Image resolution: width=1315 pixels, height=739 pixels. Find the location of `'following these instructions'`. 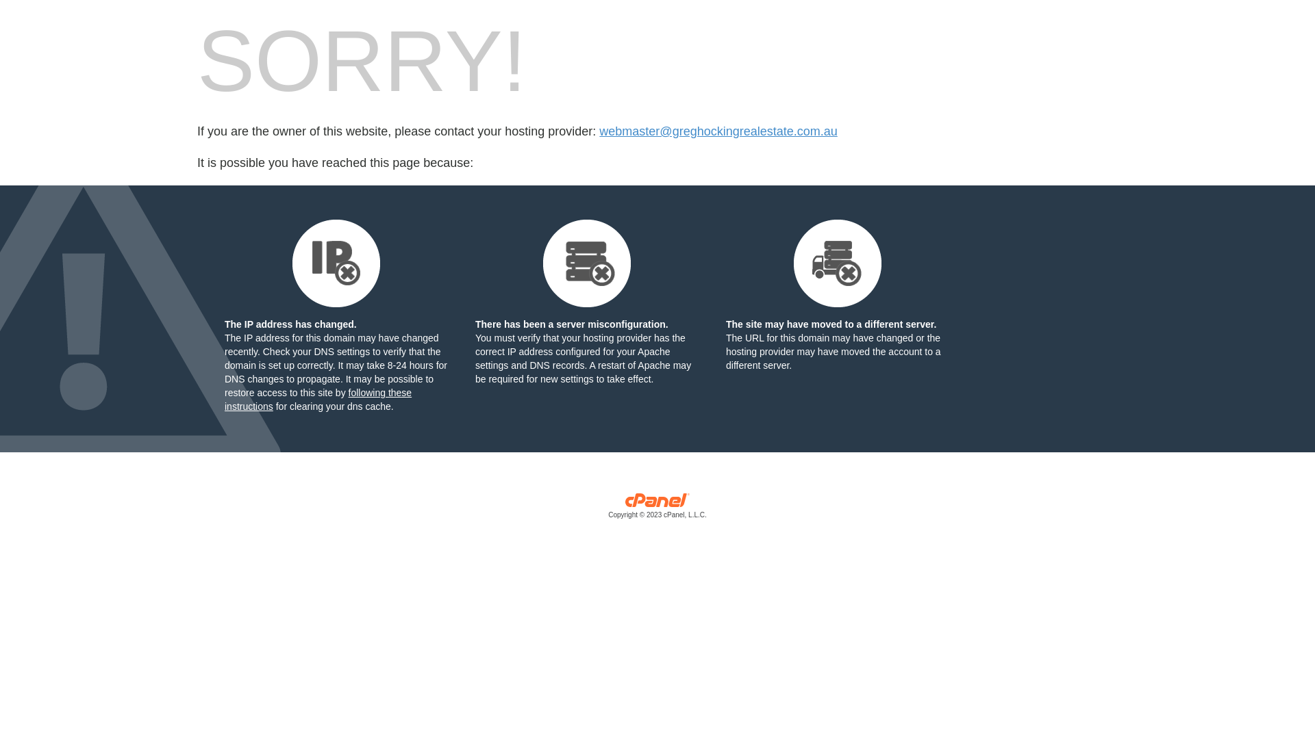

'following these instructions' is located at coordinates (317, 399).